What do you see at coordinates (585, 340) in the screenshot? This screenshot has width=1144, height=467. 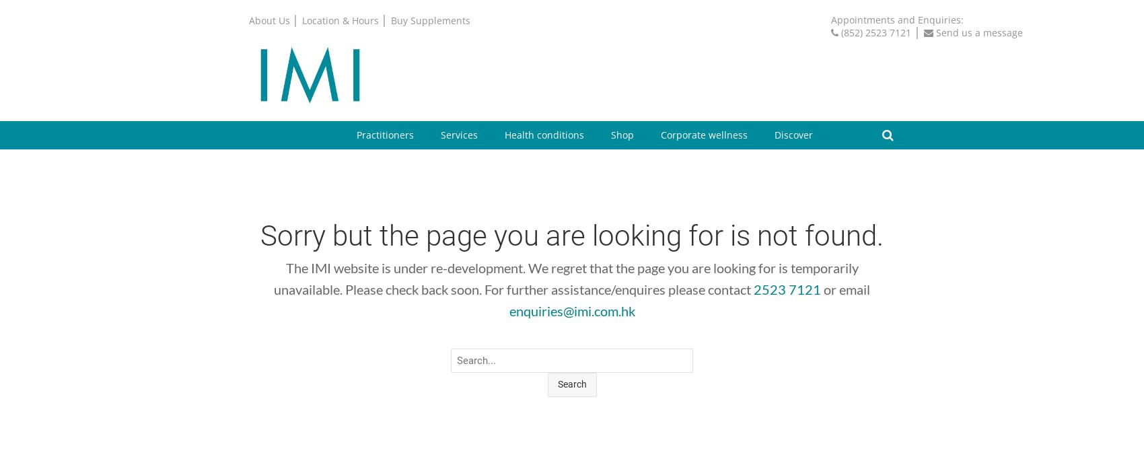 I see `'Content is protected !!'` at bounding box center [585, 340].